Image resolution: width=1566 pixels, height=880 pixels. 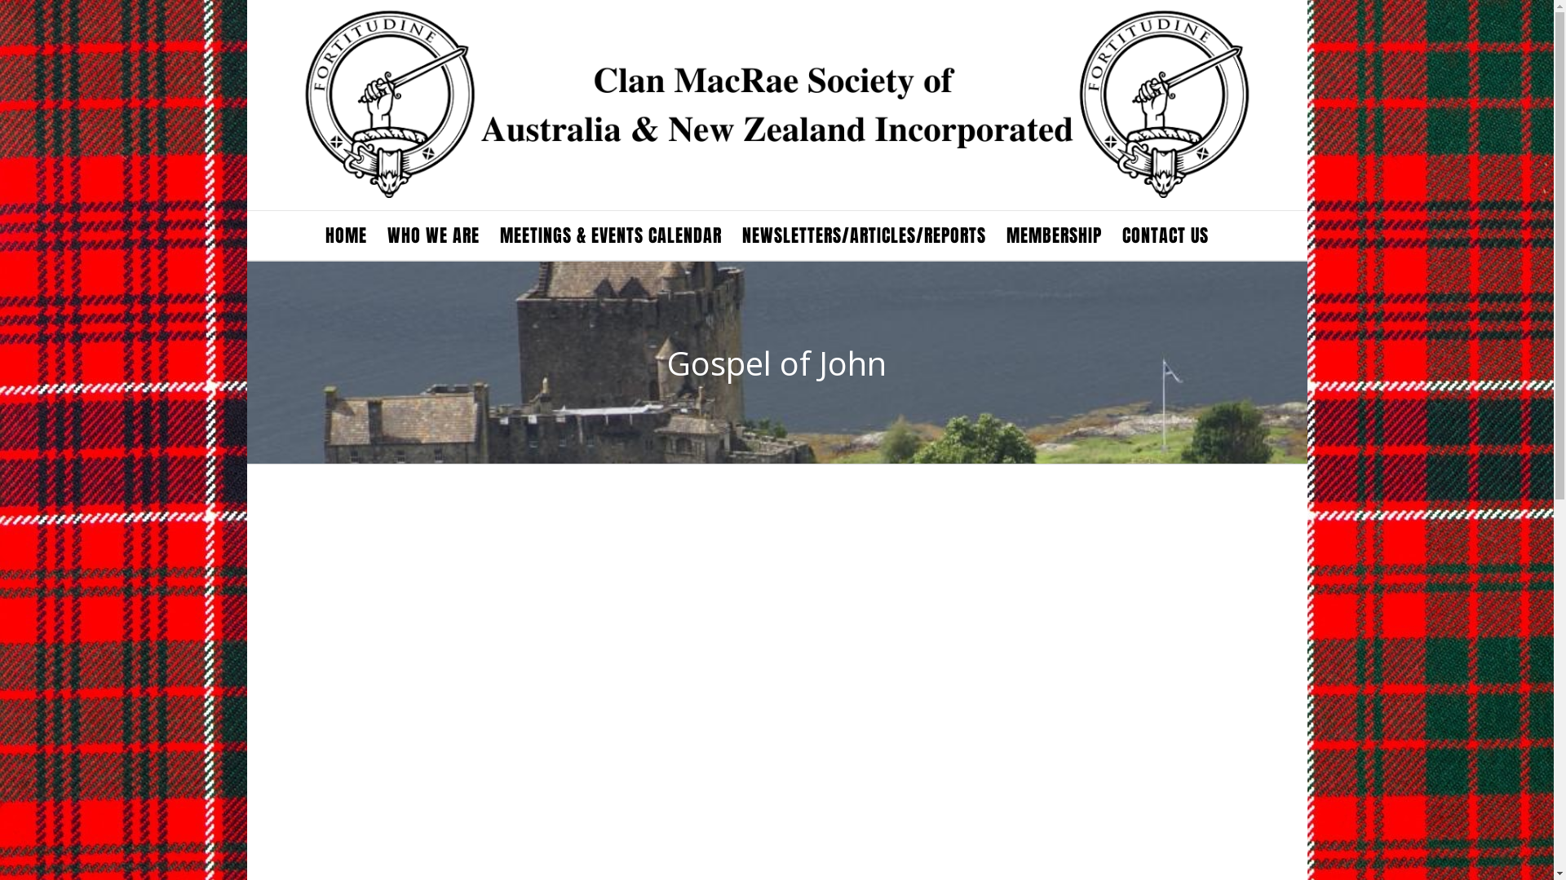 I want to click on 'MEETINGS & EVENTS CALENDAR', so click(x=609, y=235).